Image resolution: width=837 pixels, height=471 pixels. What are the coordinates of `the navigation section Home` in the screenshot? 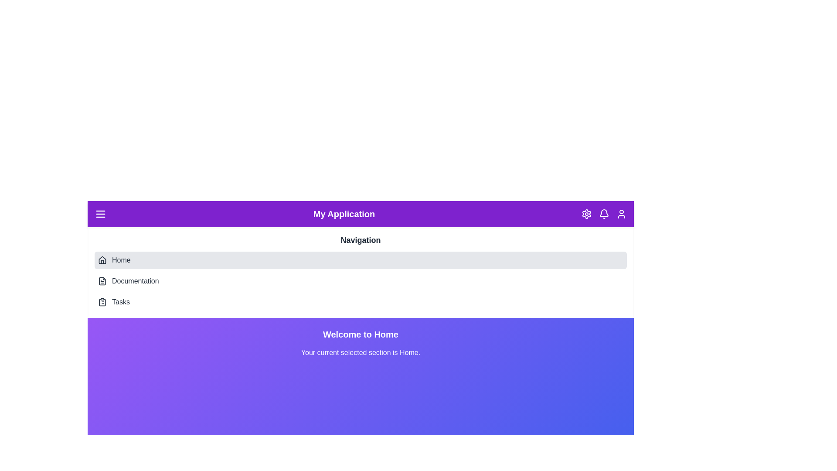 It's located at (361, 260).